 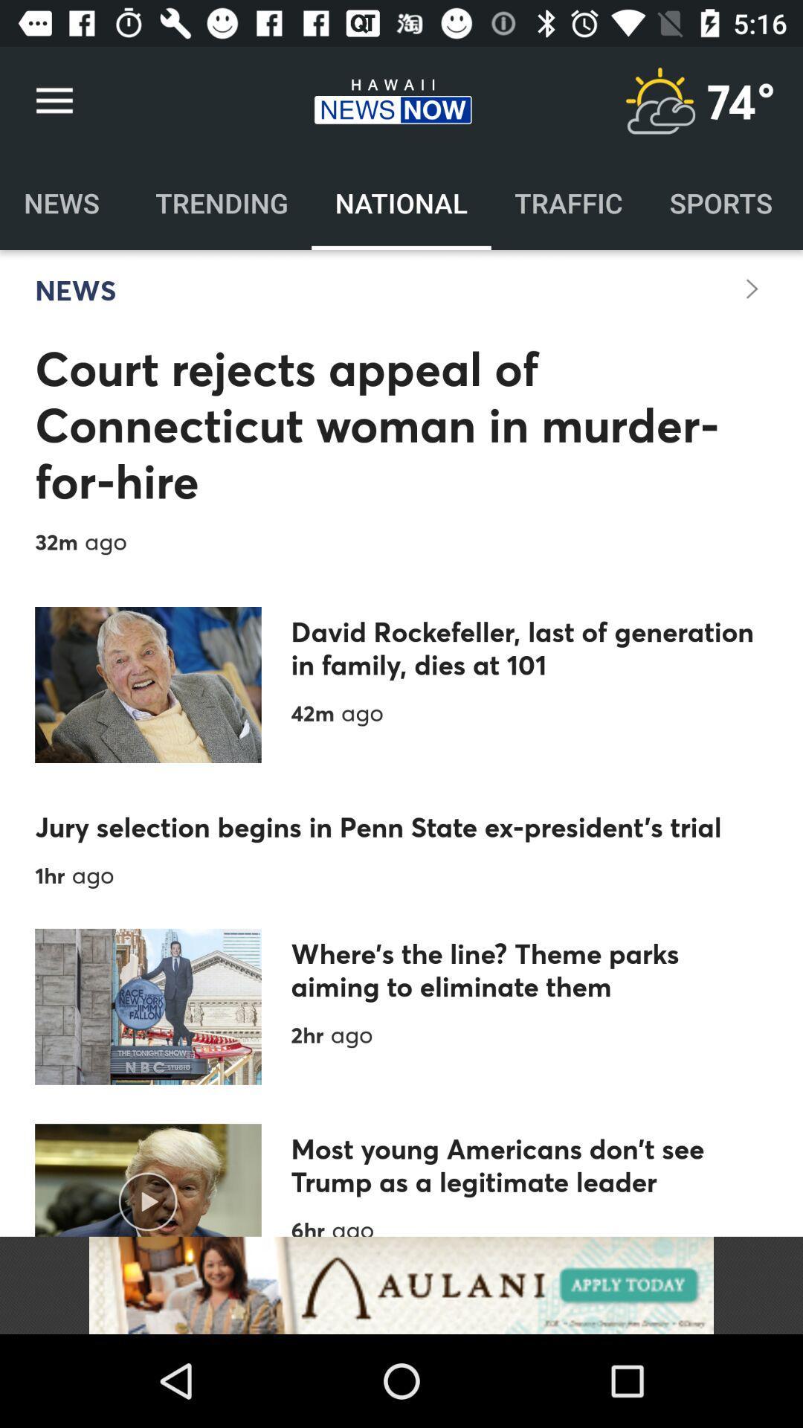 I want to click on see weather report, so click(x=659, y=100).